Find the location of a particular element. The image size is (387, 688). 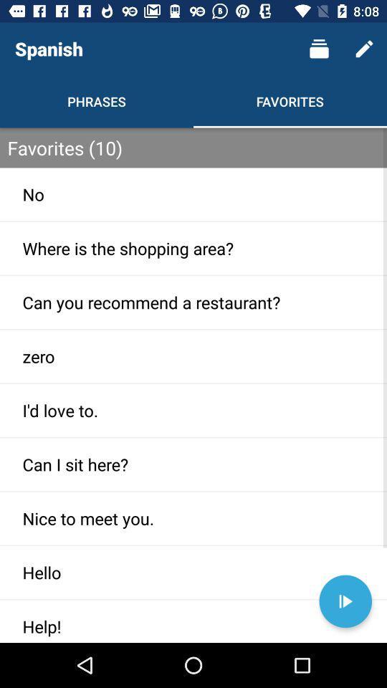

the item next to the spanish icon is located at coordinates (319, 49).